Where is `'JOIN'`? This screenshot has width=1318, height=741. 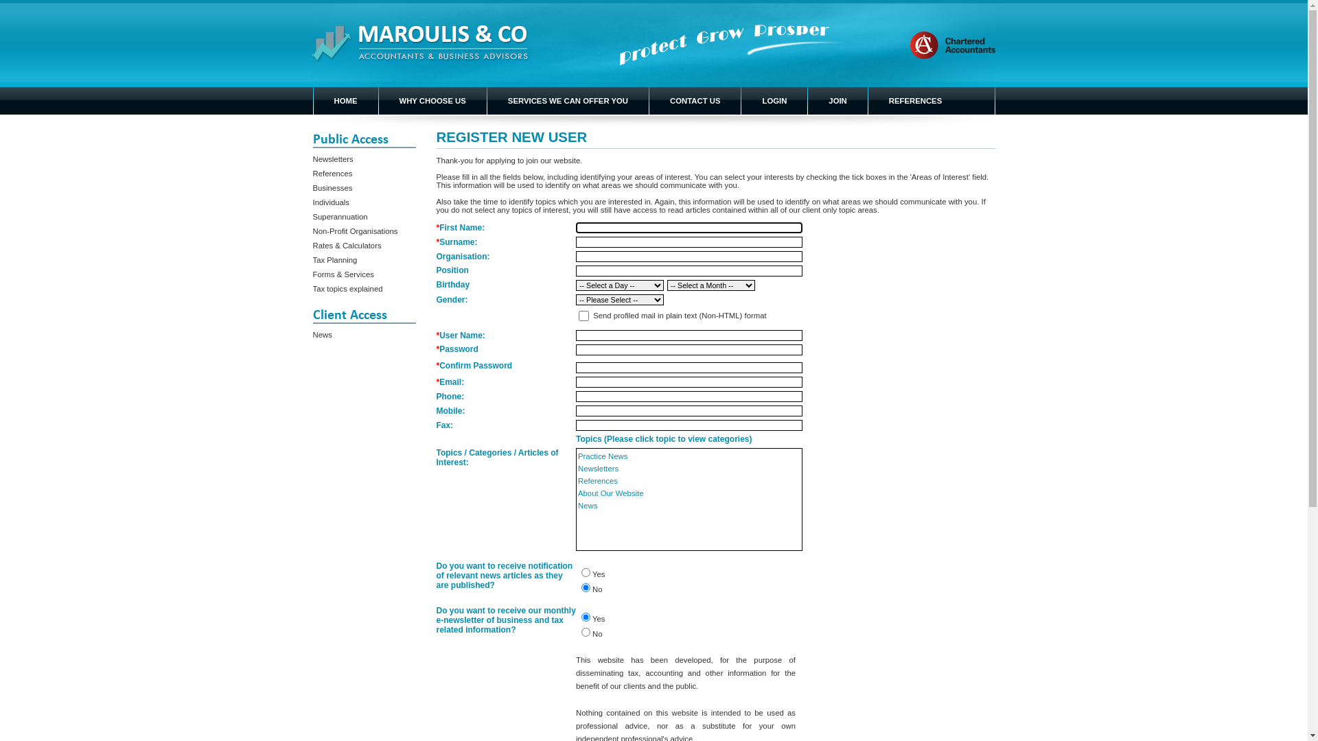
'JOIN' is located at coordinates (836, 99).